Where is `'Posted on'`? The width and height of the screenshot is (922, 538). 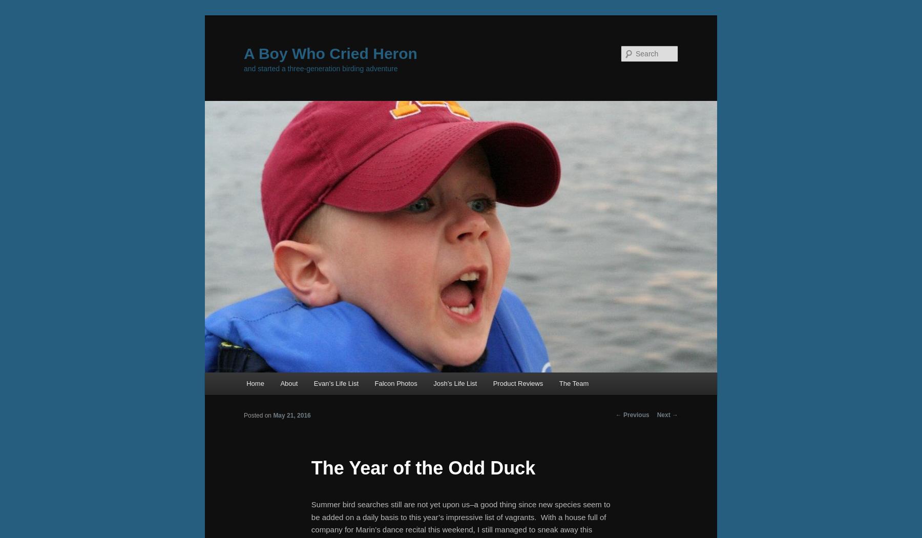 'Posted on' is located at coordinates (258, 414).